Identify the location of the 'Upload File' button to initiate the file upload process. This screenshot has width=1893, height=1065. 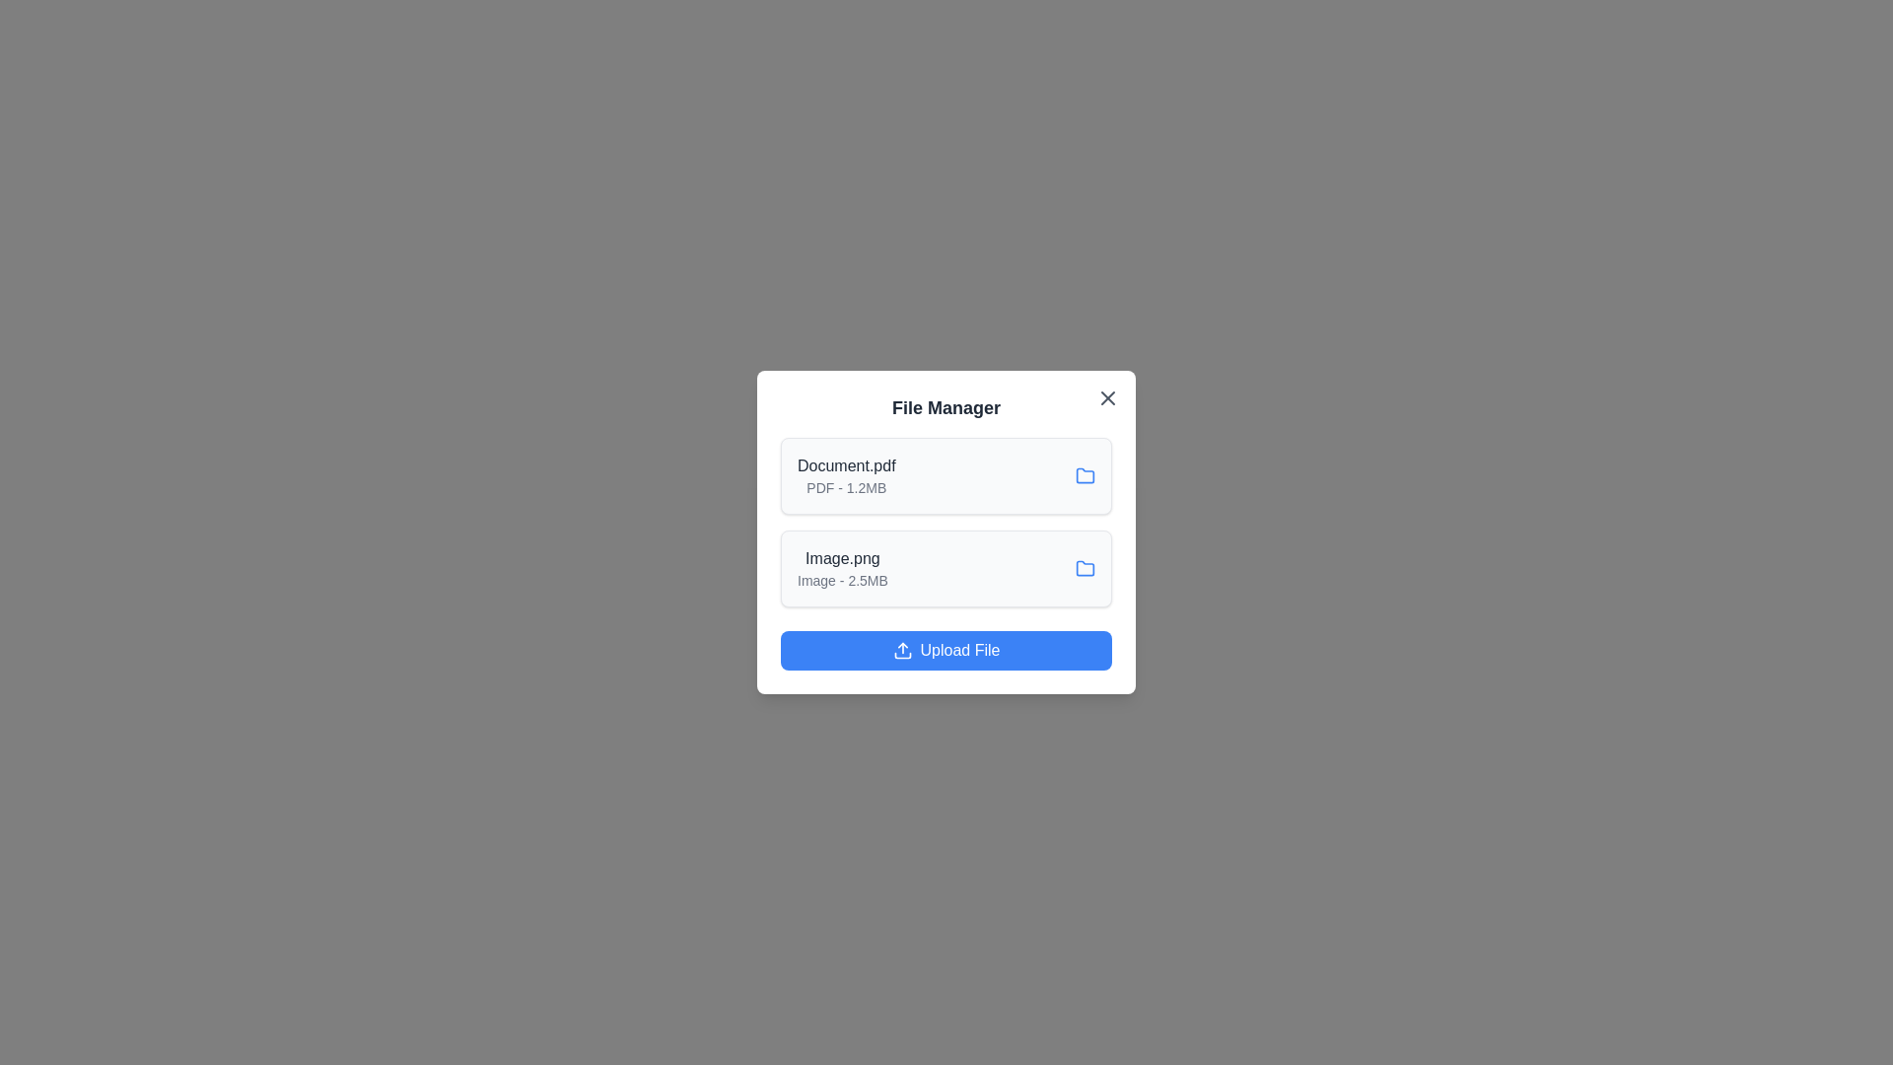
(946, 650).